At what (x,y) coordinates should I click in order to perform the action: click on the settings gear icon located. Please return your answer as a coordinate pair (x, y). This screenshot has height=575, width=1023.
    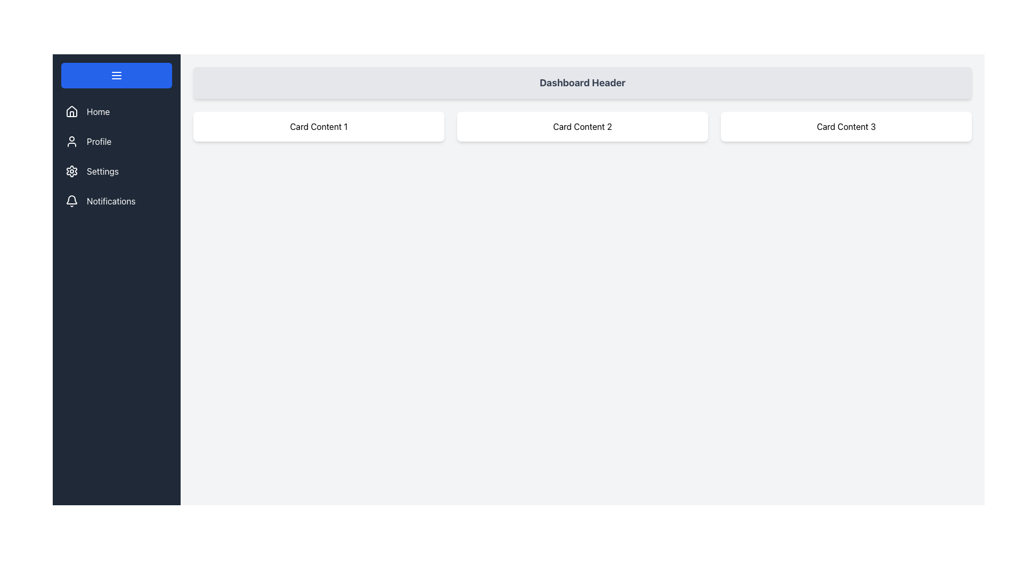
    Looking at the image, I should click on (71, 170).